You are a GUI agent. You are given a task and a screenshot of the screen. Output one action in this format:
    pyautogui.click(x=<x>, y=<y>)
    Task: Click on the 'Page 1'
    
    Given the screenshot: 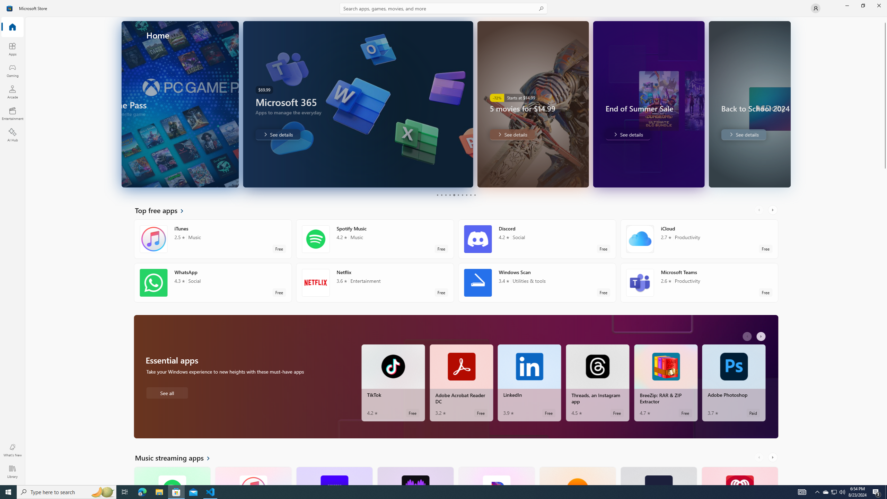 What is the action you would take?
    pyautogui.click(x=437, y=195)
    